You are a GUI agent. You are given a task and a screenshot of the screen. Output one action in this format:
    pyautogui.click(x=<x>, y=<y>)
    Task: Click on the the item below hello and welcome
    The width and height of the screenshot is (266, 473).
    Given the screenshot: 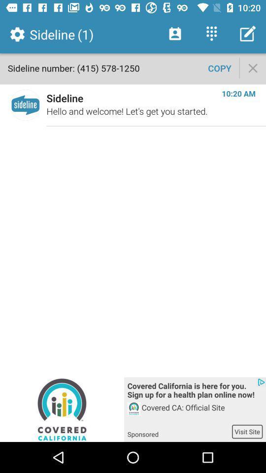 What is the action you would take?
    pyautogui.click(x=195, y=391)
    